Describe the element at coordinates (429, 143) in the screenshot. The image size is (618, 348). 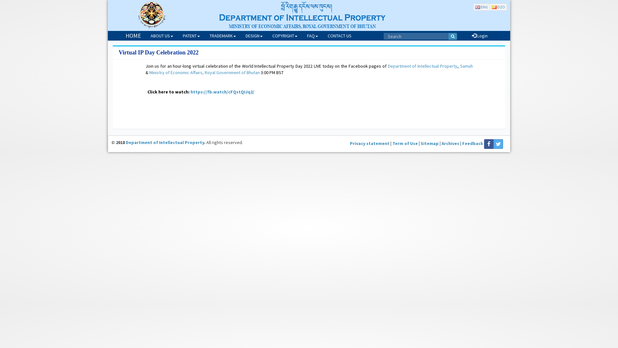
I see `'Sitemap'` at that location.